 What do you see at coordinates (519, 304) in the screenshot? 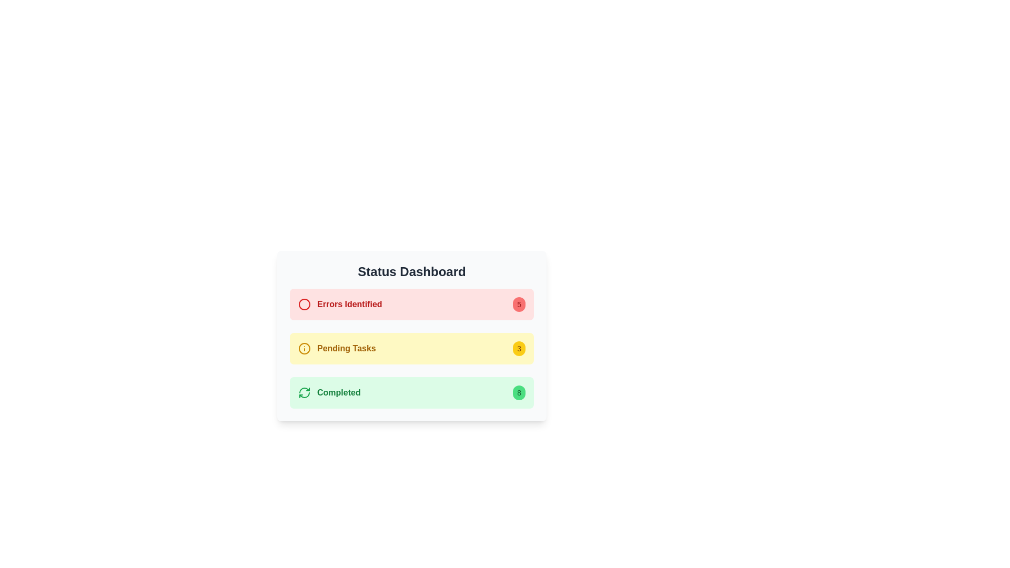
I see `the small circular badge with a red background displaying the number '5'` at bounding box center [519, 304].